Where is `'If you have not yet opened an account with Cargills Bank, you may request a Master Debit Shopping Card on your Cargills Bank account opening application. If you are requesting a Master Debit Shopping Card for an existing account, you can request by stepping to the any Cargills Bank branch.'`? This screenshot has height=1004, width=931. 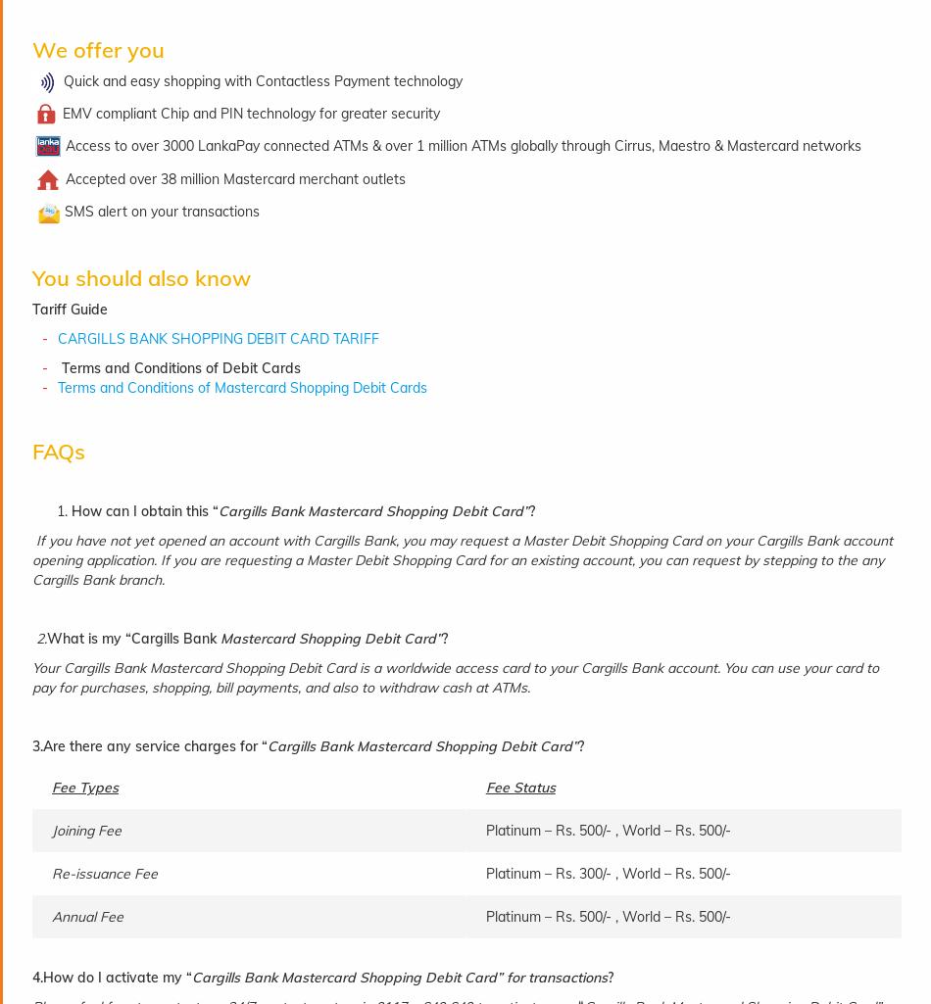
'If you have not yet opened an account with Cargills Bank, you may request a Master Debit Shopping Card on your Cargills Bank account opening application. If you are requesting a Master Debit Shopping Card for an existing account, you can request by stepping to the any Cargills Bank branch.' is located at coordinates (461, 559).